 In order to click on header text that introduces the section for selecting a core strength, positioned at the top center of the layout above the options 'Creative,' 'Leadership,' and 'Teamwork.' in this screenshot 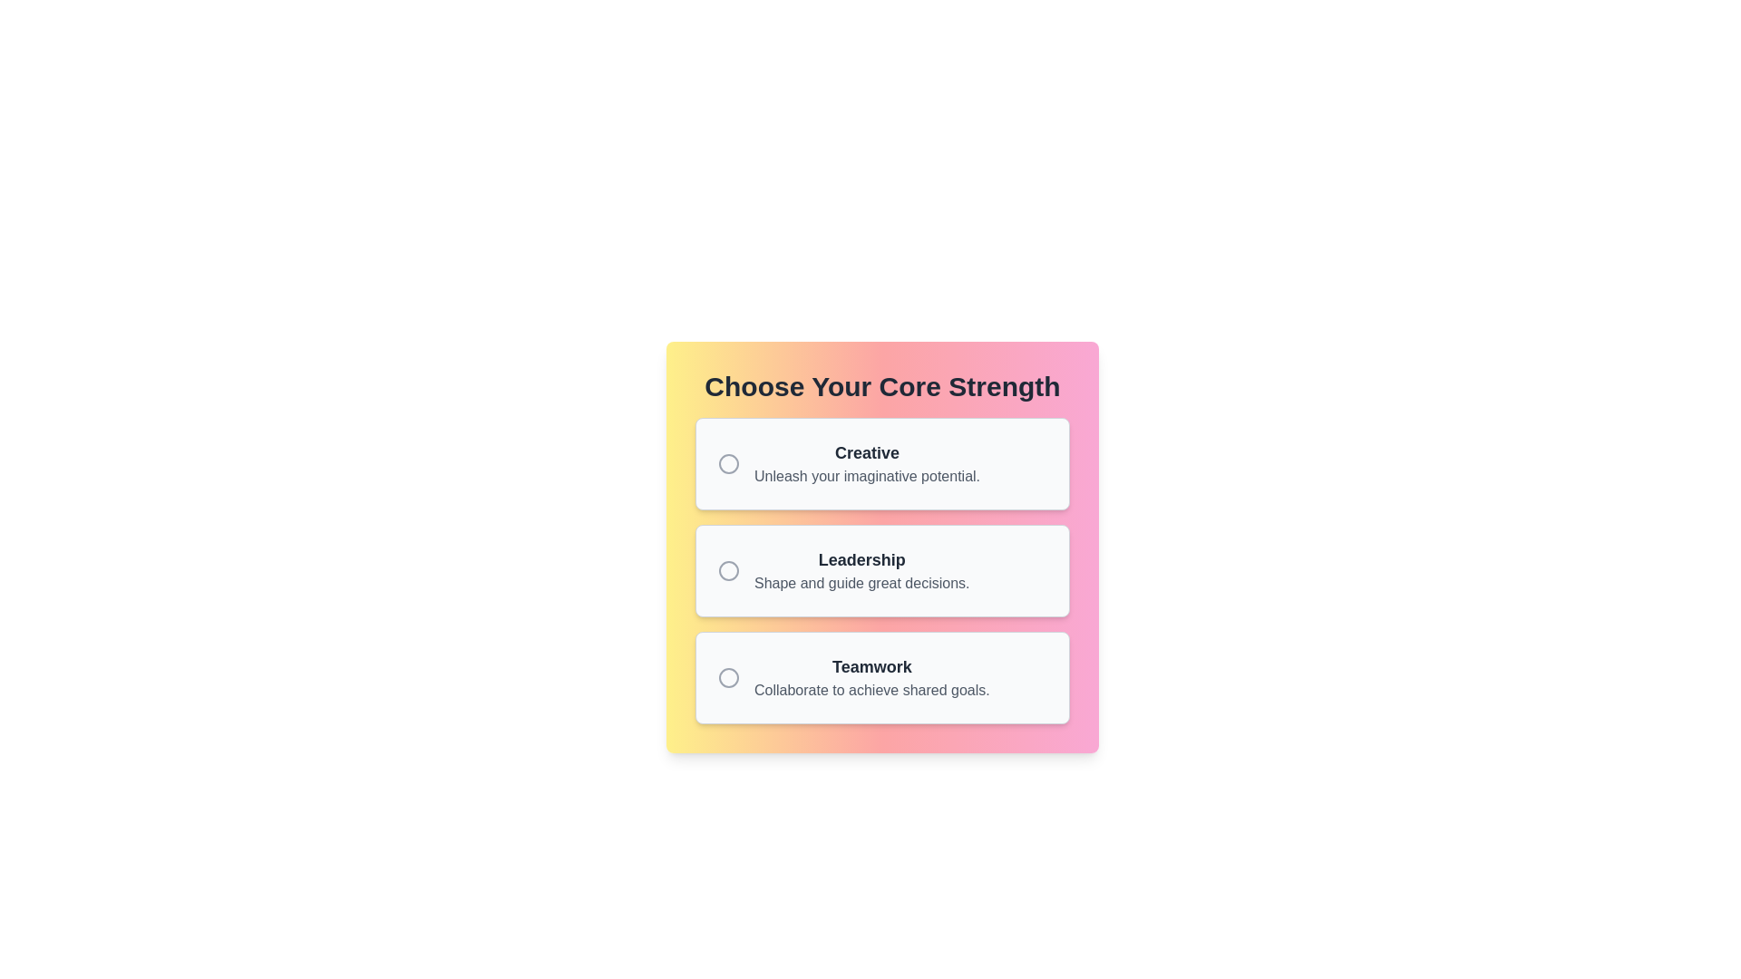, I will do `click(882, 386)`.